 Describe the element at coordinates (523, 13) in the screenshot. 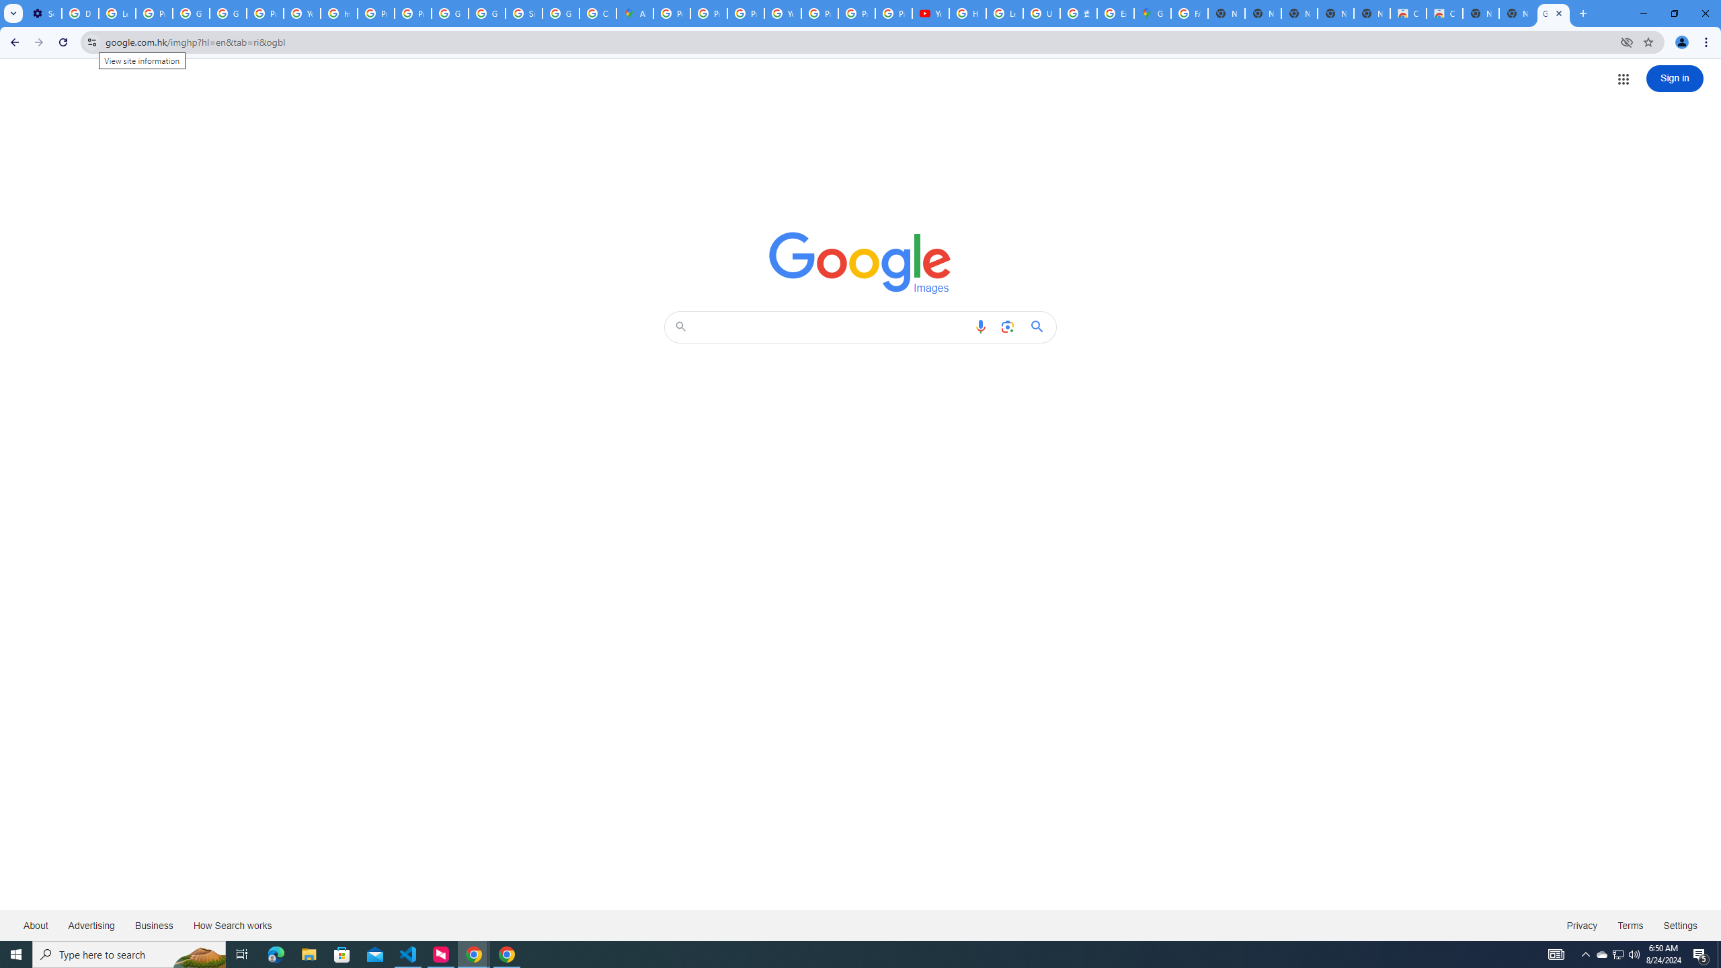

I see `'Sign in - Google Accounts'` at that location.